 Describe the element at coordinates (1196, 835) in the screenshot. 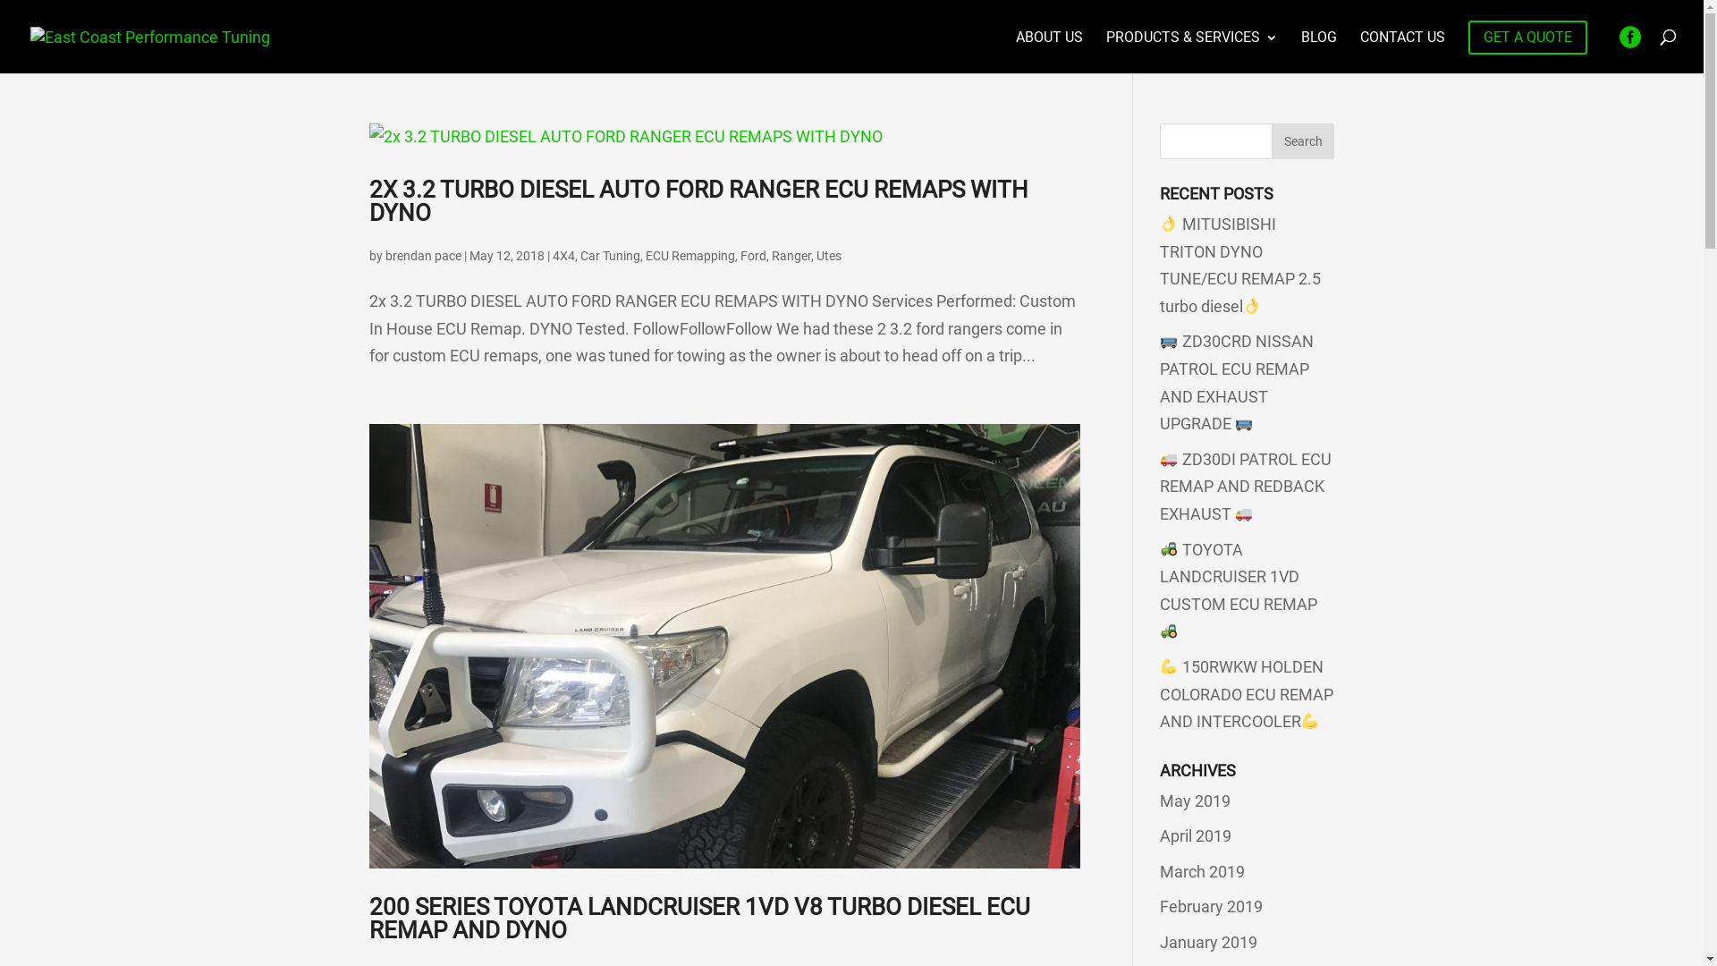

I see `'April 2019'` at that location.